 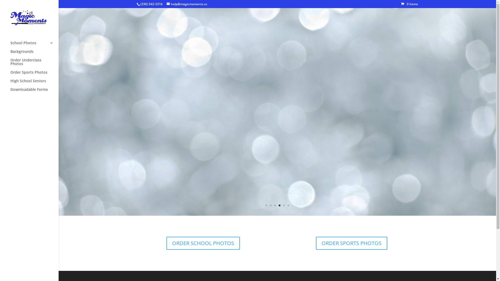 What do you see at coordinates (271, 205) in the screenshot?
I see `'2'` at bounding box center [271, 205].